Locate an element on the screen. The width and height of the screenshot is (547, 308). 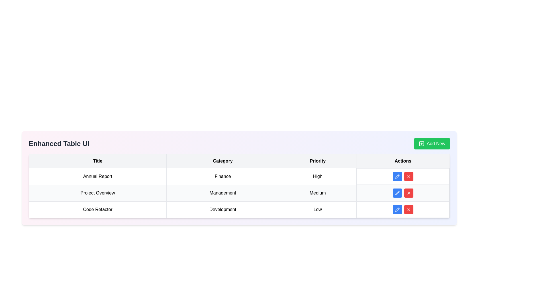
the 'Medium' priority level text label located in the 'Priority' column of the 'Management' category row is located at coordinates (317, 193).